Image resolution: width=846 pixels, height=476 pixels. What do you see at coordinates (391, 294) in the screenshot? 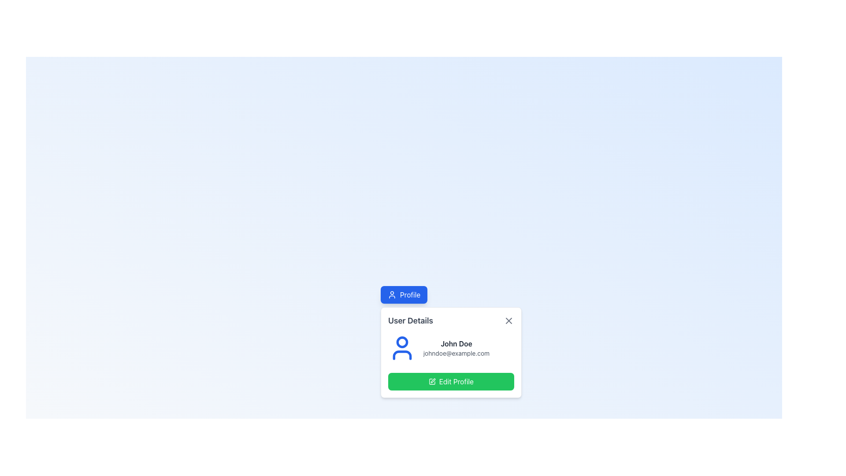
I see `the user avatar icon within the blue 'Profile' button located at the top-central area of the interface` at bounding box center [391, 294].